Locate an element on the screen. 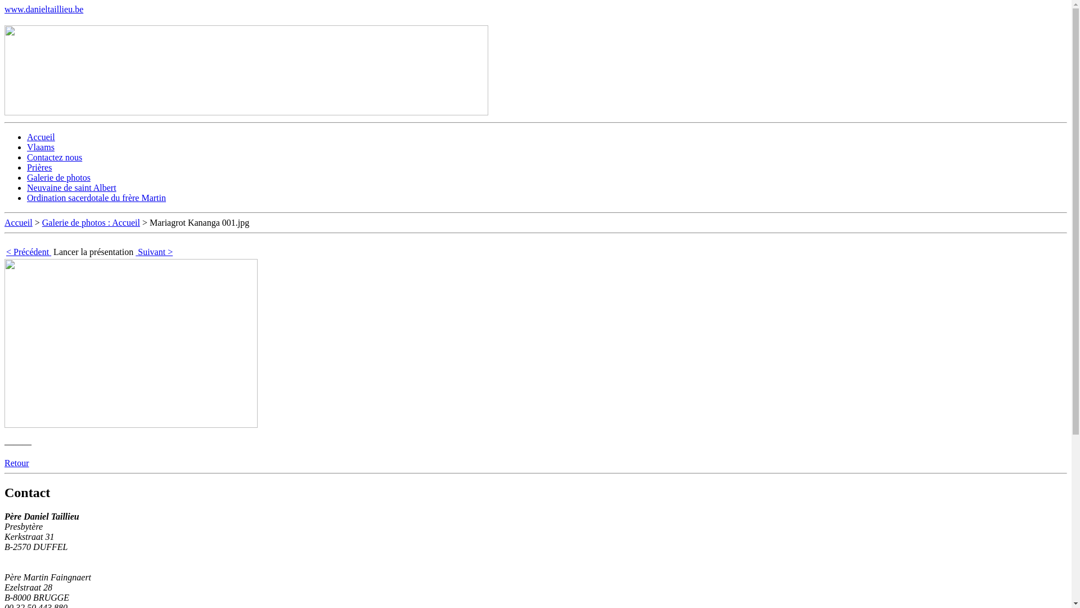  'www.danieltaillieu.be' is located at coordinates (43, 9).